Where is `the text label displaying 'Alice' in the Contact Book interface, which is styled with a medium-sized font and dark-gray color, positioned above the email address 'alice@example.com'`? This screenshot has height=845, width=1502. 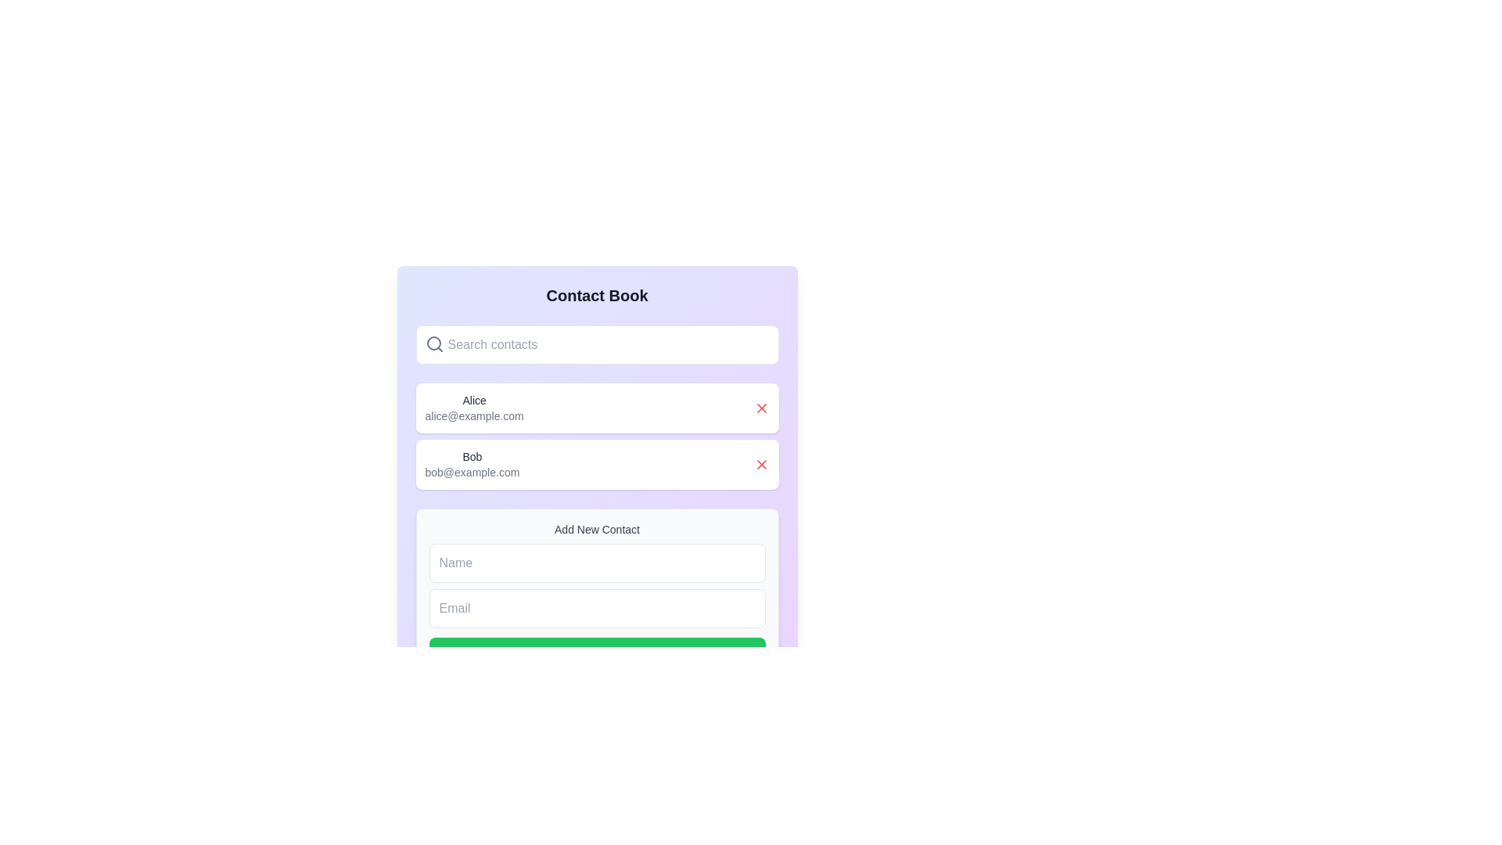
the text label displaying 'Alice' in the Contact Book interface, which is styled with a medium-sized font and dark-gray color, positioned above the email address 'alice@example.com' is located at coordinates (473, 400).